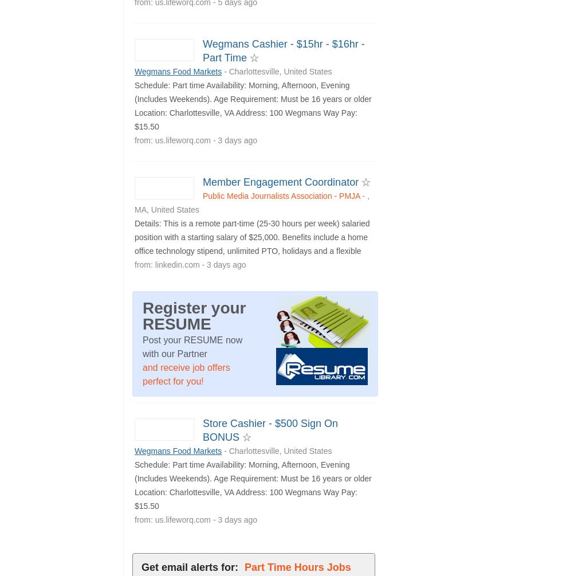  Describe the element at coordinates (270, 430) in the screenshot. I see `'Store Cashier - $500 Sign On BONUS'` at that location.